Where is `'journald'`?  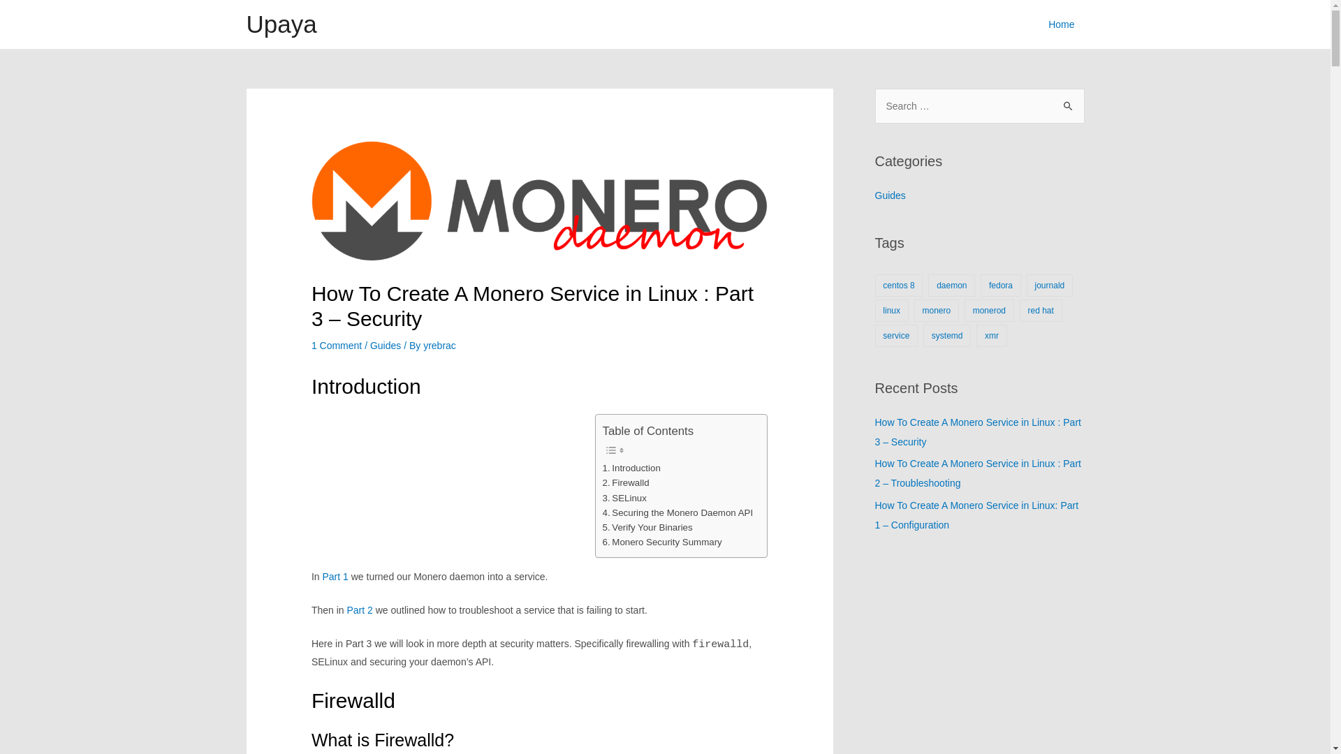
'journald' is located at coordinates (1049, 284).